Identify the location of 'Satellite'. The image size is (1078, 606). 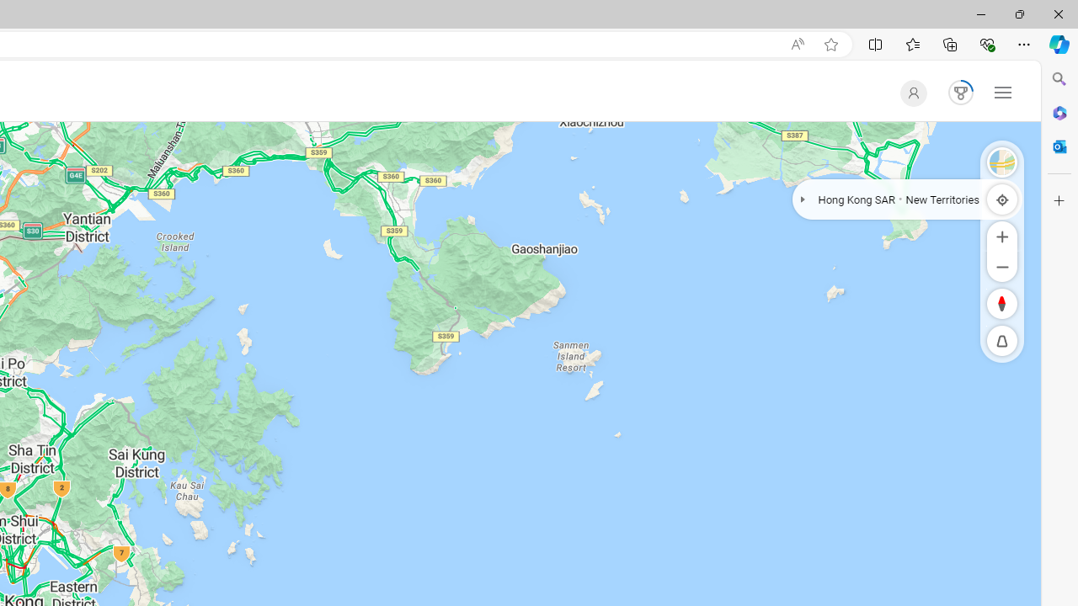
(1002, 162).